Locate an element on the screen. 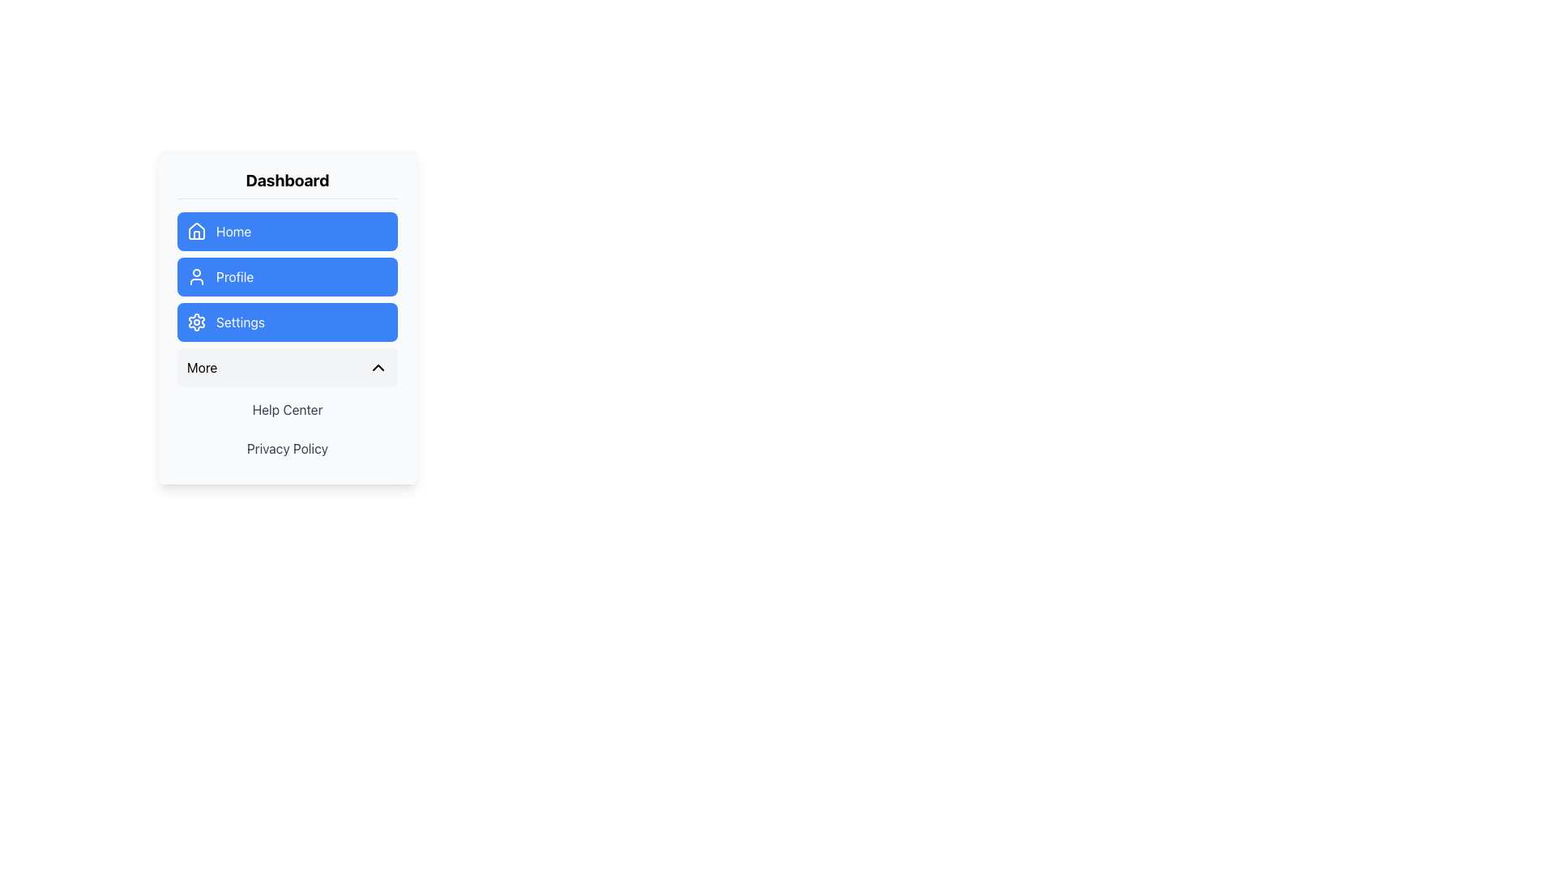 This screenshot has height=875, width=1556. the home-shaped SVG icon that represents the first item in the list of options under the 'Dashboard' header, located to the left of the 'Home' button is located at coordinates (196, 235).